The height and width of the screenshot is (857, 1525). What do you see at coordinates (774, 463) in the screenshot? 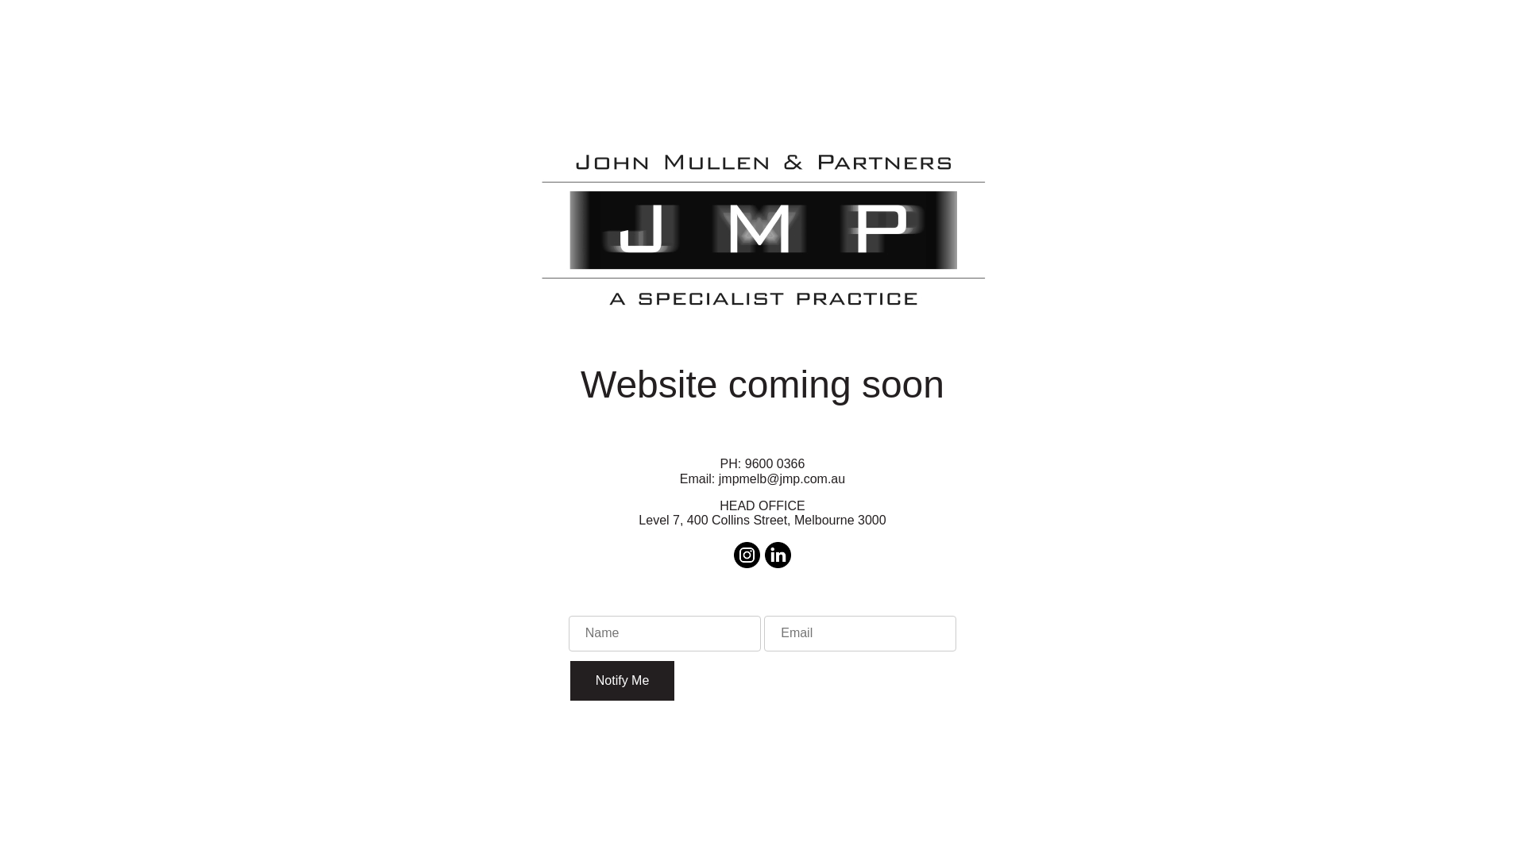
I see `'9600 0366'` at bounding box center [774, 463].